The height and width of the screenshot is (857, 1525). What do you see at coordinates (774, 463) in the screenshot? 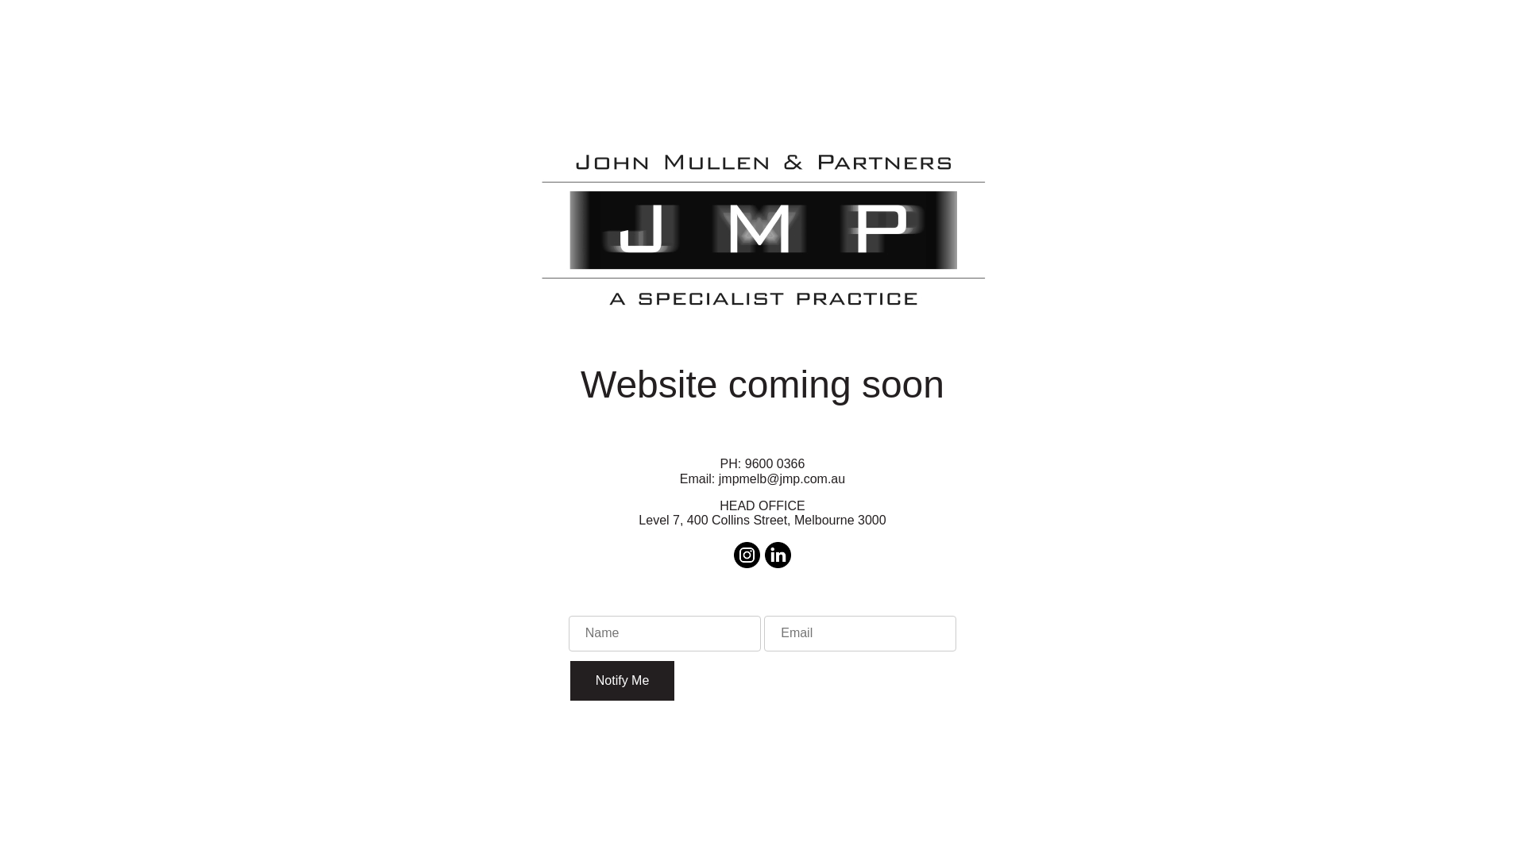
I see `'9600 0366'` at bounding box center [774, 463].